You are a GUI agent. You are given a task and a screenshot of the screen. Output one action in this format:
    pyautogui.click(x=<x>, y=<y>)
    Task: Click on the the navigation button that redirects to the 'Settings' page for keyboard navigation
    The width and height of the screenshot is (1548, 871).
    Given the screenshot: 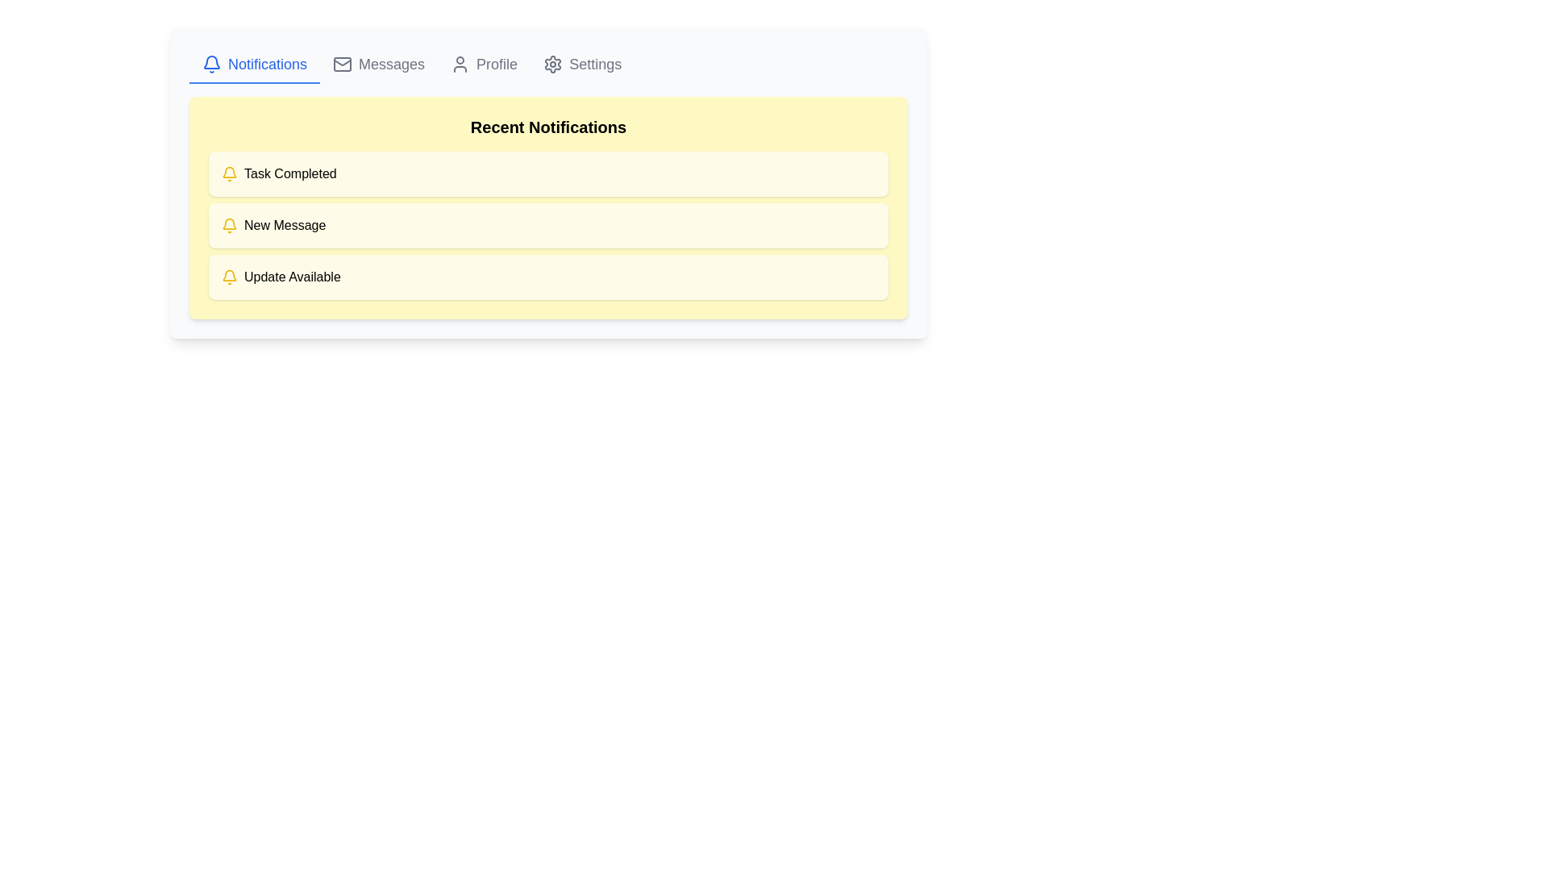 What is the action you would take?
    pyautogui.click(x=581, y=65)
    